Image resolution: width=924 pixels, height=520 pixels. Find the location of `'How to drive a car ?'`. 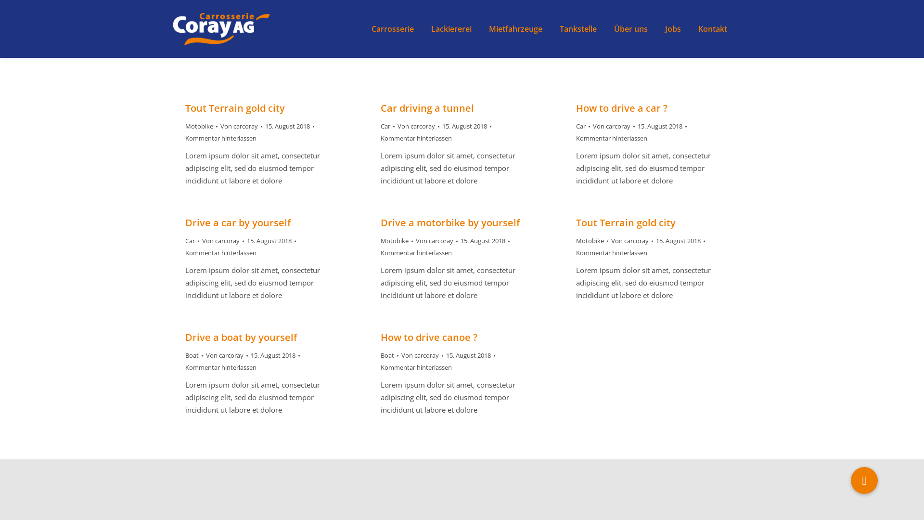

'How to drive a car ?' is located at coordinates (621, 108).